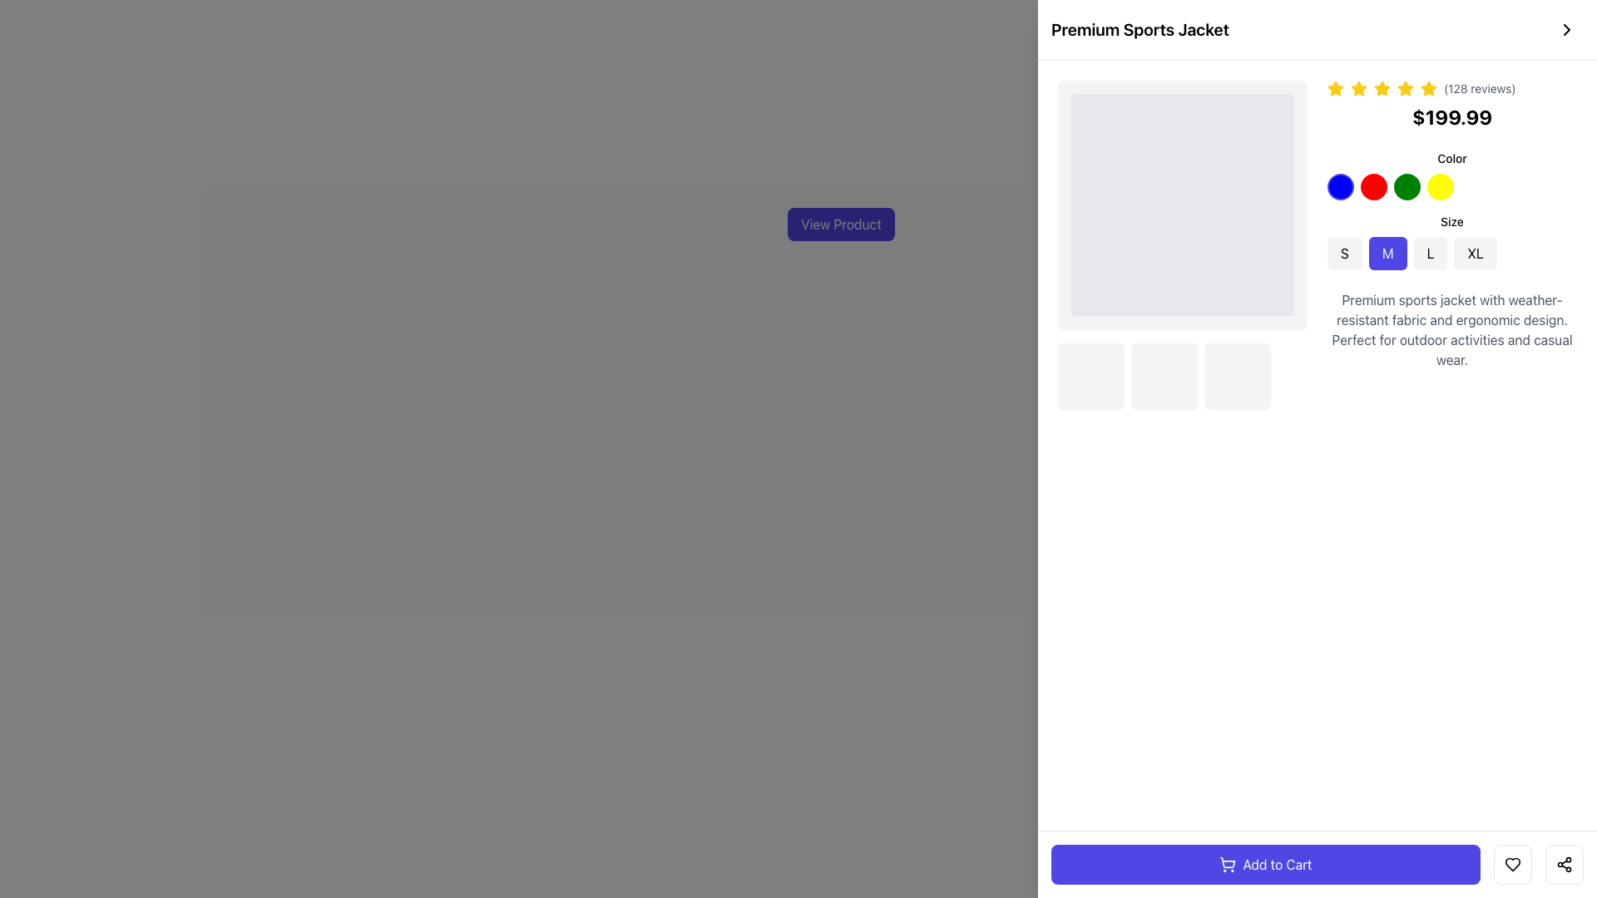 The width and height of the screenshot is (1597, 898). I want to click on the middle interactive block with a light gray background and rounded corners, located beneath the product image, so click(1164, 376).